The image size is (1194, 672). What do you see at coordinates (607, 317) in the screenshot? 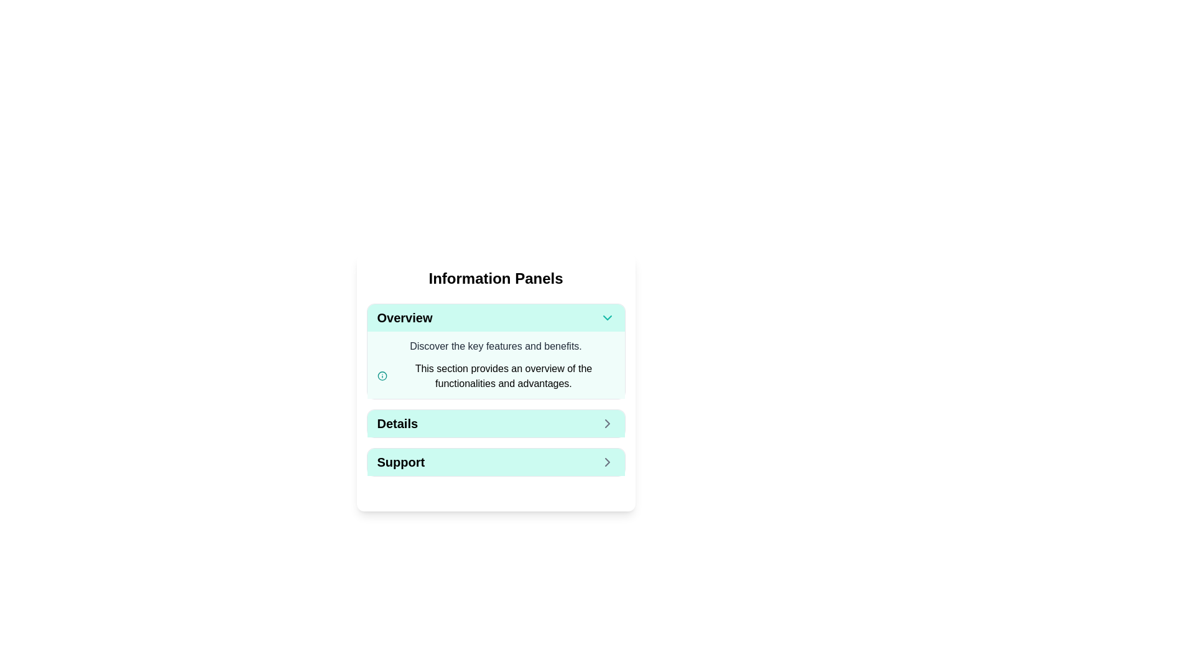
I see `the toggle button icon located at the rightmost part of the teal header bar labeled 'Overview'` at bounding box center [607, 317].